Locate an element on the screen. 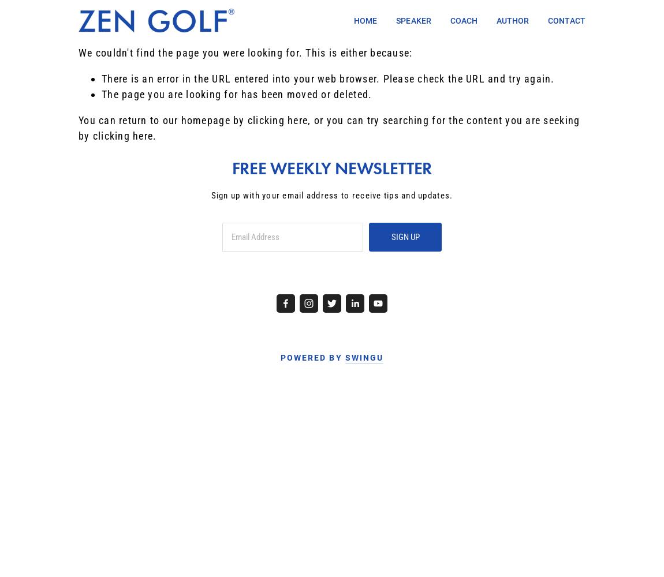  'You can return to our homepage by' is located at coordinates (78, 119).